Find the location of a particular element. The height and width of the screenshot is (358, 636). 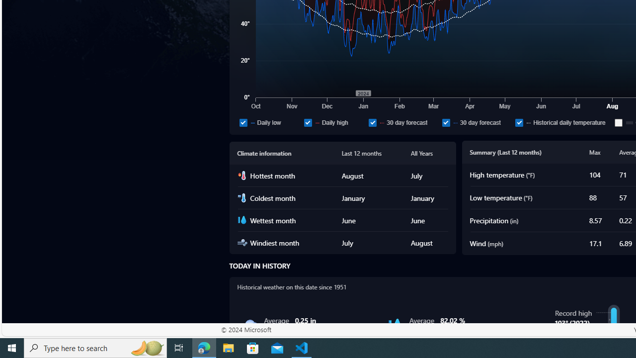

'30 day forecast' is located at coordinates (445, 122).